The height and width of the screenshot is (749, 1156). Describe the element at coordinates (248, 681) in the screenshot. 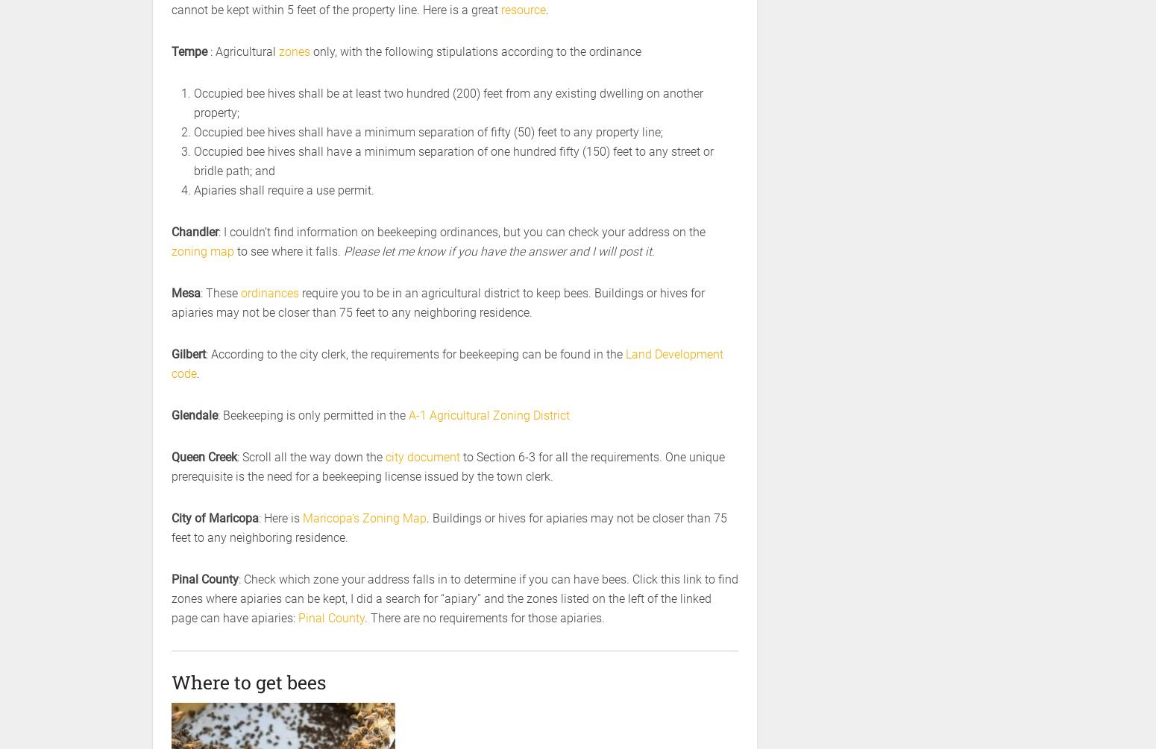

I see `'Where to get bees'` at that location.